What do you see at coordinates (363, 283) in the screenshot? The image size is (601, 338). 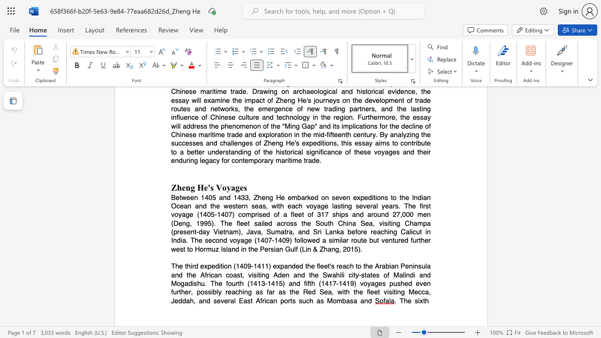 I see `the space between the continuous character "v" and "o" in the text` at bounding box center [363, 283].